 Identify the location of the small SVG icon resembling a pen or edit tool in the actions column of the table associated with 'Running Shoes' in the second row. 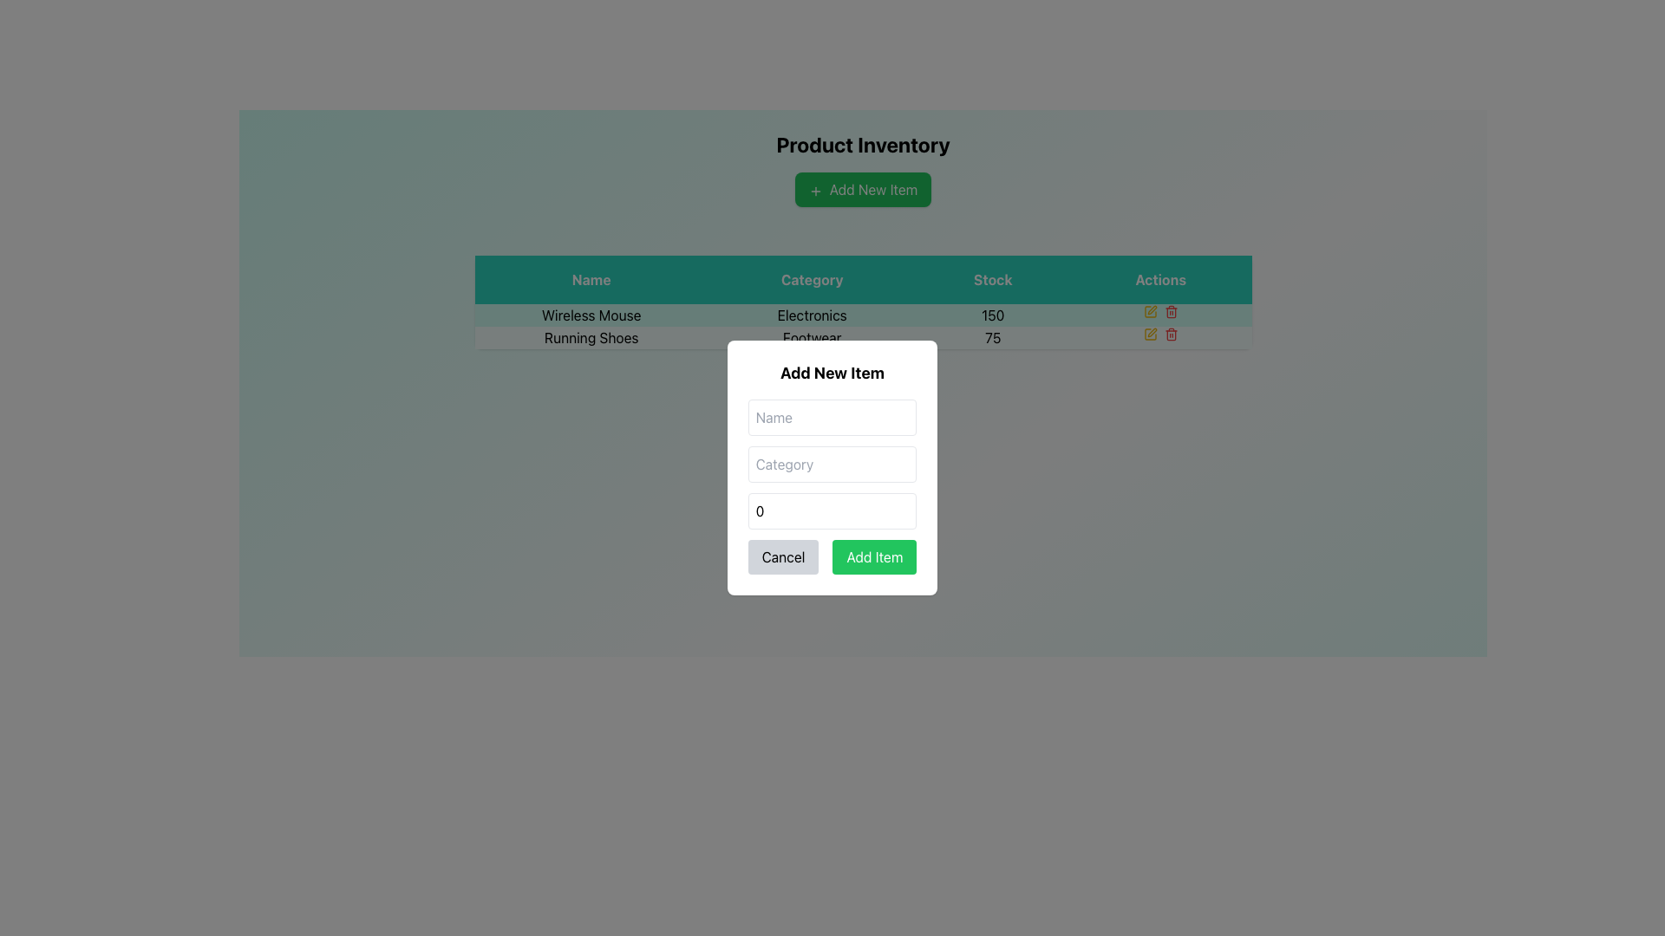
(1152, 333).